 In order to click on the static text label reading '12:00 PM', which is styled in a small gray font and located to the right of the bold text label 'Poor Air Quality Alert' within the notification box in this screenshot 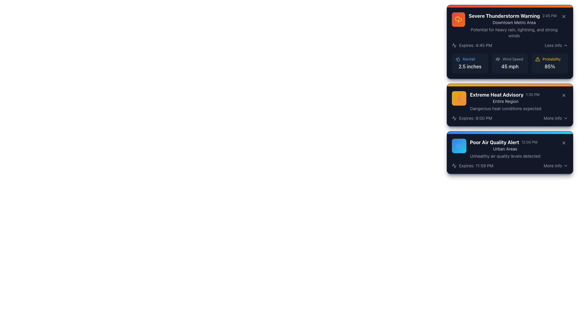, I will do `click(529, 142)`.